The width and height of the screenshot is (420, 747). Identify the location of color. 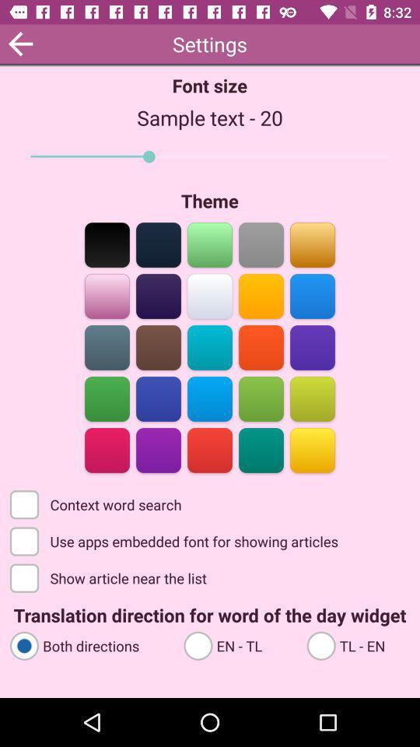
(107, 449).